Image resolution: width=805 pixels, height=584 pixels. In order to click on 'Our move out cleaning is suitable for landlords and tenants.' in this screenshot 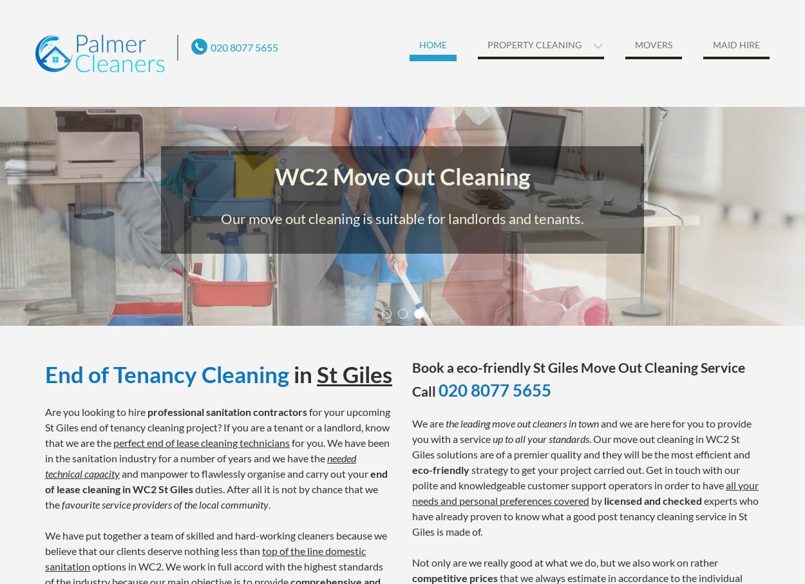, I will do `click(402, 218)`.